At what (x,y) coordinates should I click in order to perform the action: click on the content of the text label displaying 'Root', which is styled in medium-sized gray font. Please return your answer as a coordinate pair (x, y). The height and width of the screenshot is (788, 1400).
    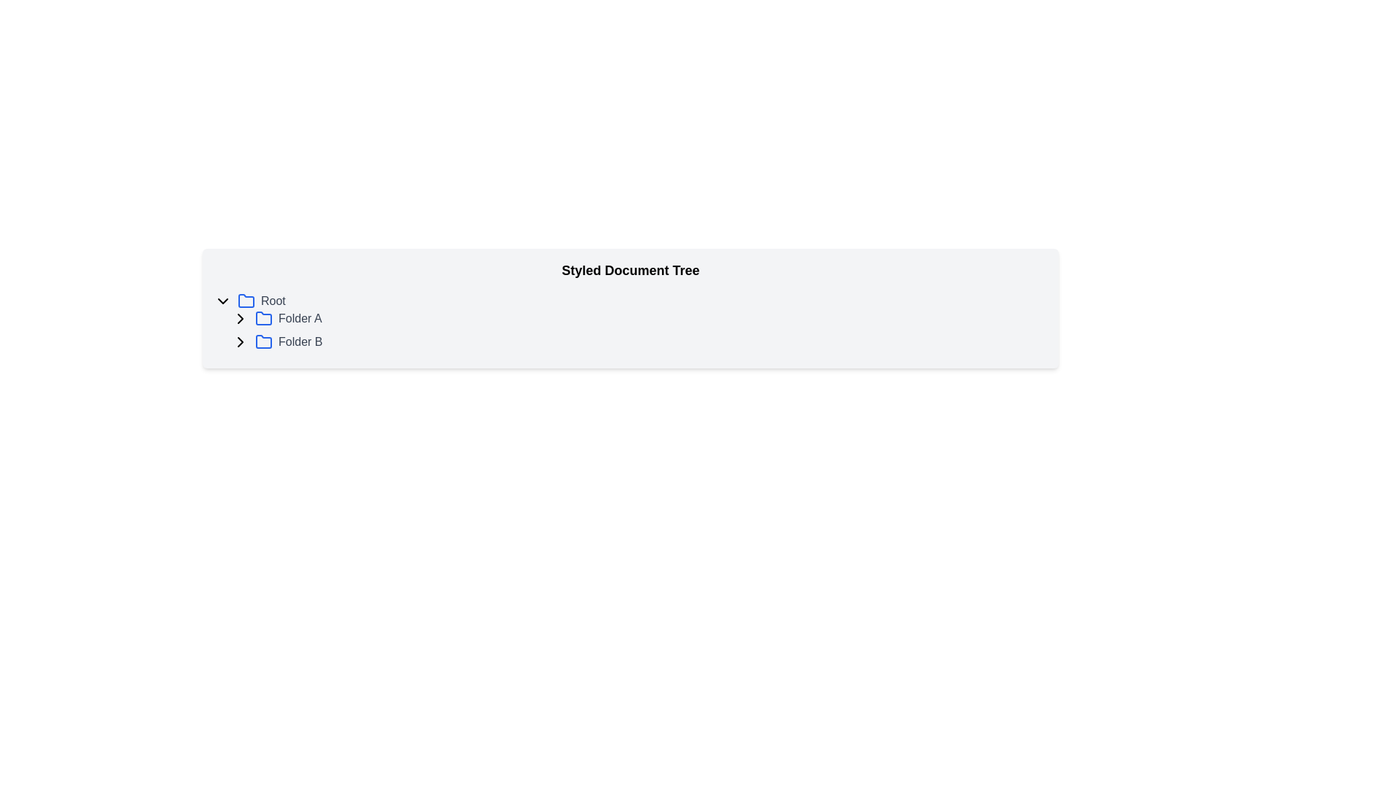
    Looking at the image, I should click on (273, 300).